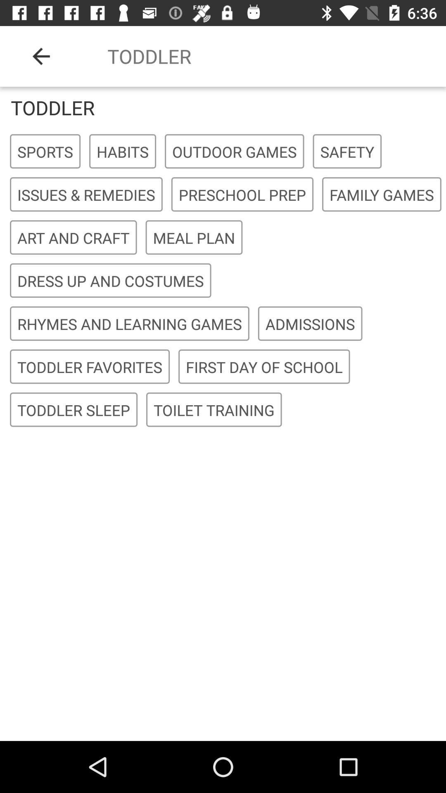  I want to click on icon next to sports, so click(123, 152).